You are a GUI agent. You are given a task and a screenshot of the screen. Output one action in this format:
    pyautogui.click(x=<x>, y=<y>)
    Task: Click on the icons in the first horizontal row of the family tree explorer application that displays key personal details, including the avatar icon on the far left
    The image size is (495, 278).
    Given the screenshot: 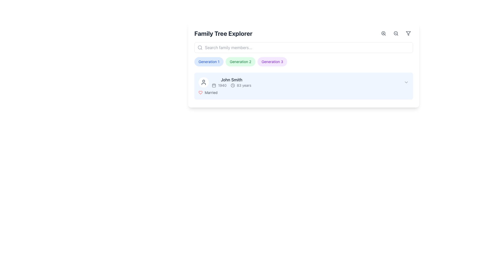 What is the action you would take?
    pyautogui.click(x=303, y=82)
    